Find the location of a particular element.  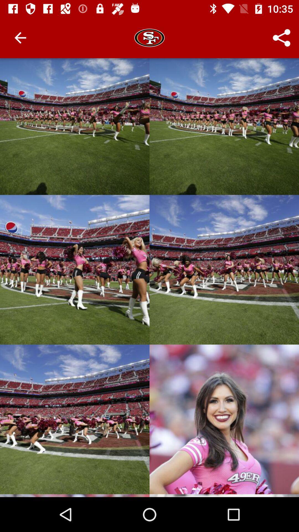

the logo is located at coordinates (149, 38).